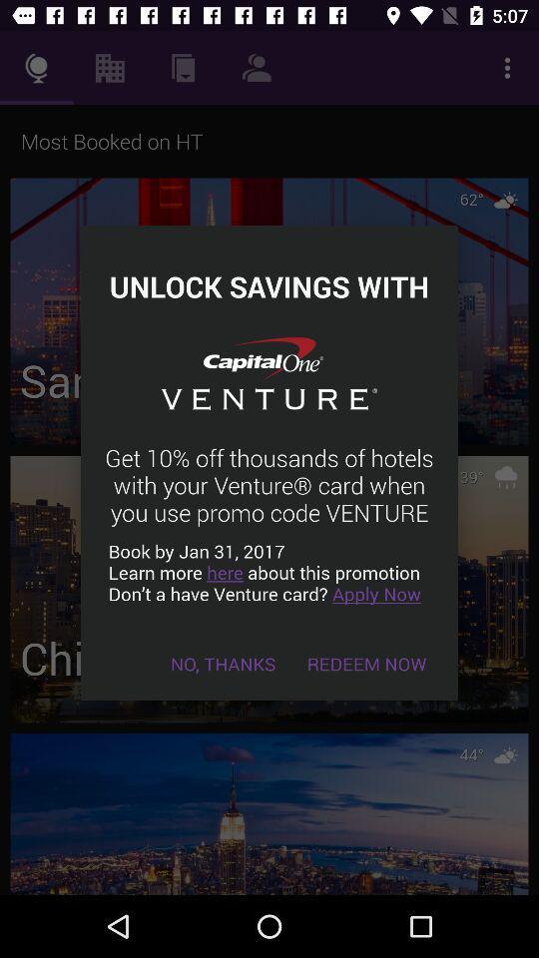 This screenshot has width=539, height=958. I want to click on the icon above no, thanks icon, so click(269, 572).